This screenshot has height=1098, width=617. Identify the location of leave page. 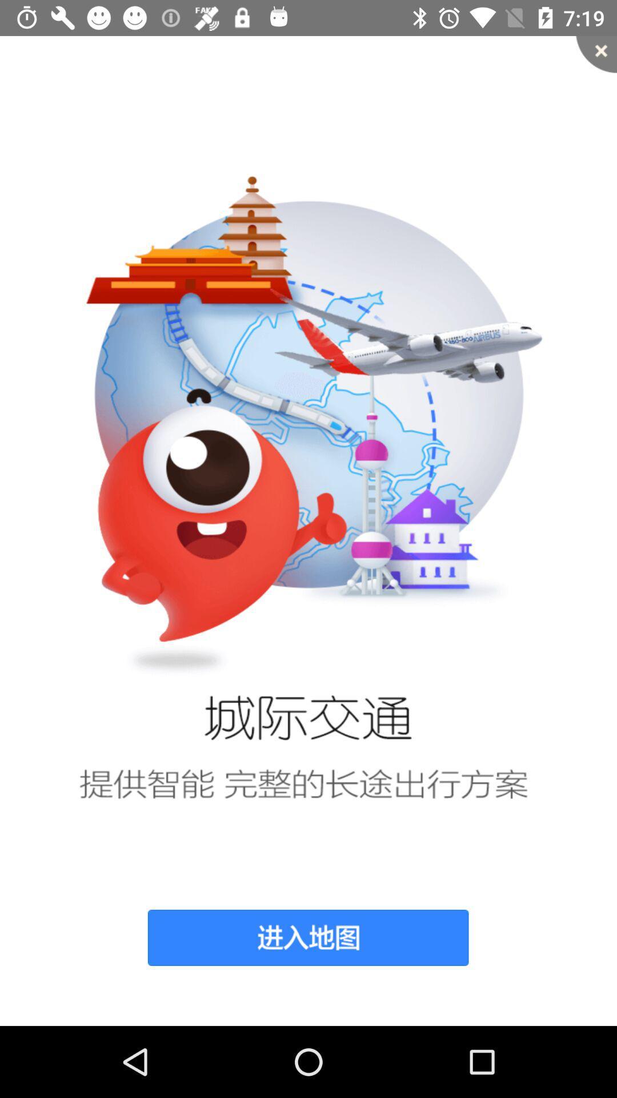
(596, 54).